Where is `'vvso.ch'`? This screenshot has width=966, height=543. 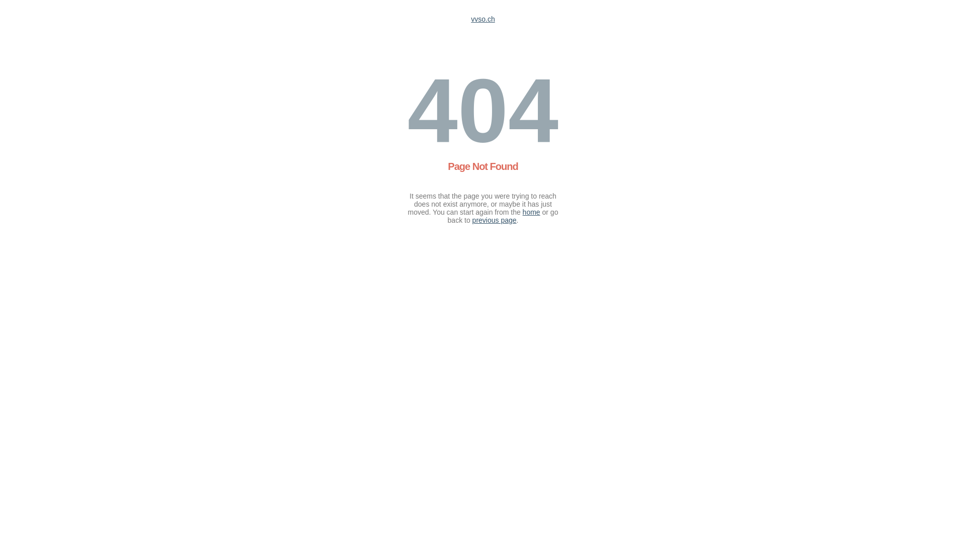 'vvso.ch' is located at coordinates (470, 19).